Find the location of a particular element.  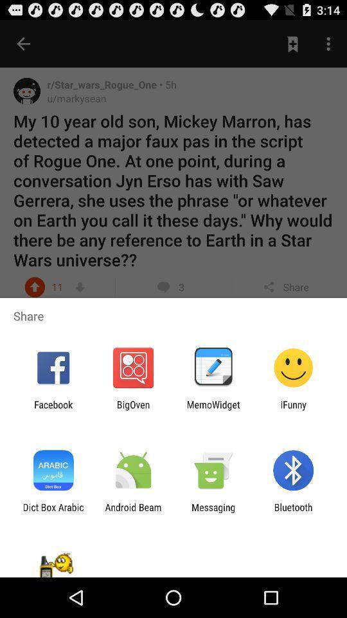

the android beam app is located at coordinates (132, 512).